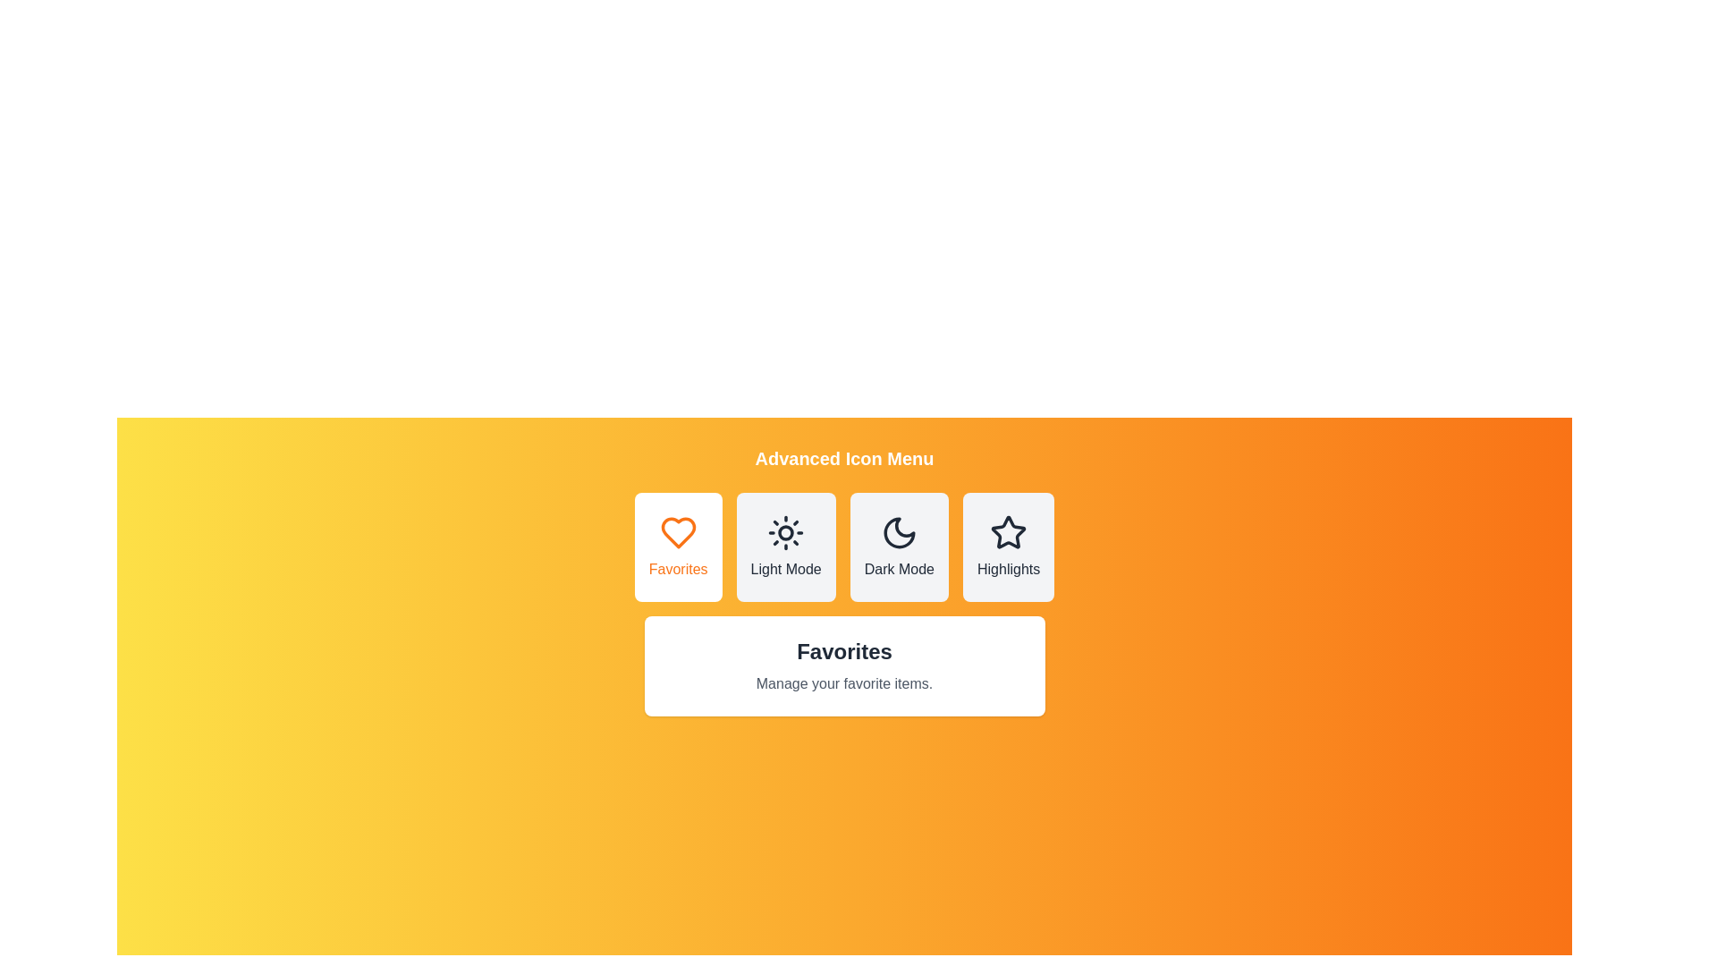  I want to click on the 'Favorites' icon located at the top of the 'Favorites' section in the grid, which is the first cell containing saved items, so click(677, 532).